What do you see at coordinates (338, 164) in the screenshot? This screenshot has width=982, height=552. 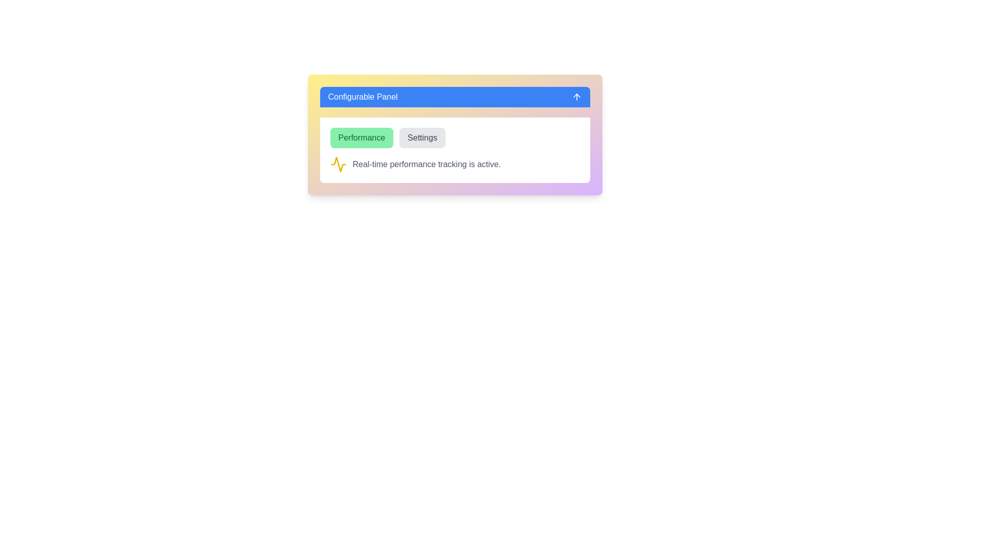 I see `the activity tracking icon located at the leftmost side of the section, which visually indicates that real-time performance tracking is active` at bounding box center [338, 164].